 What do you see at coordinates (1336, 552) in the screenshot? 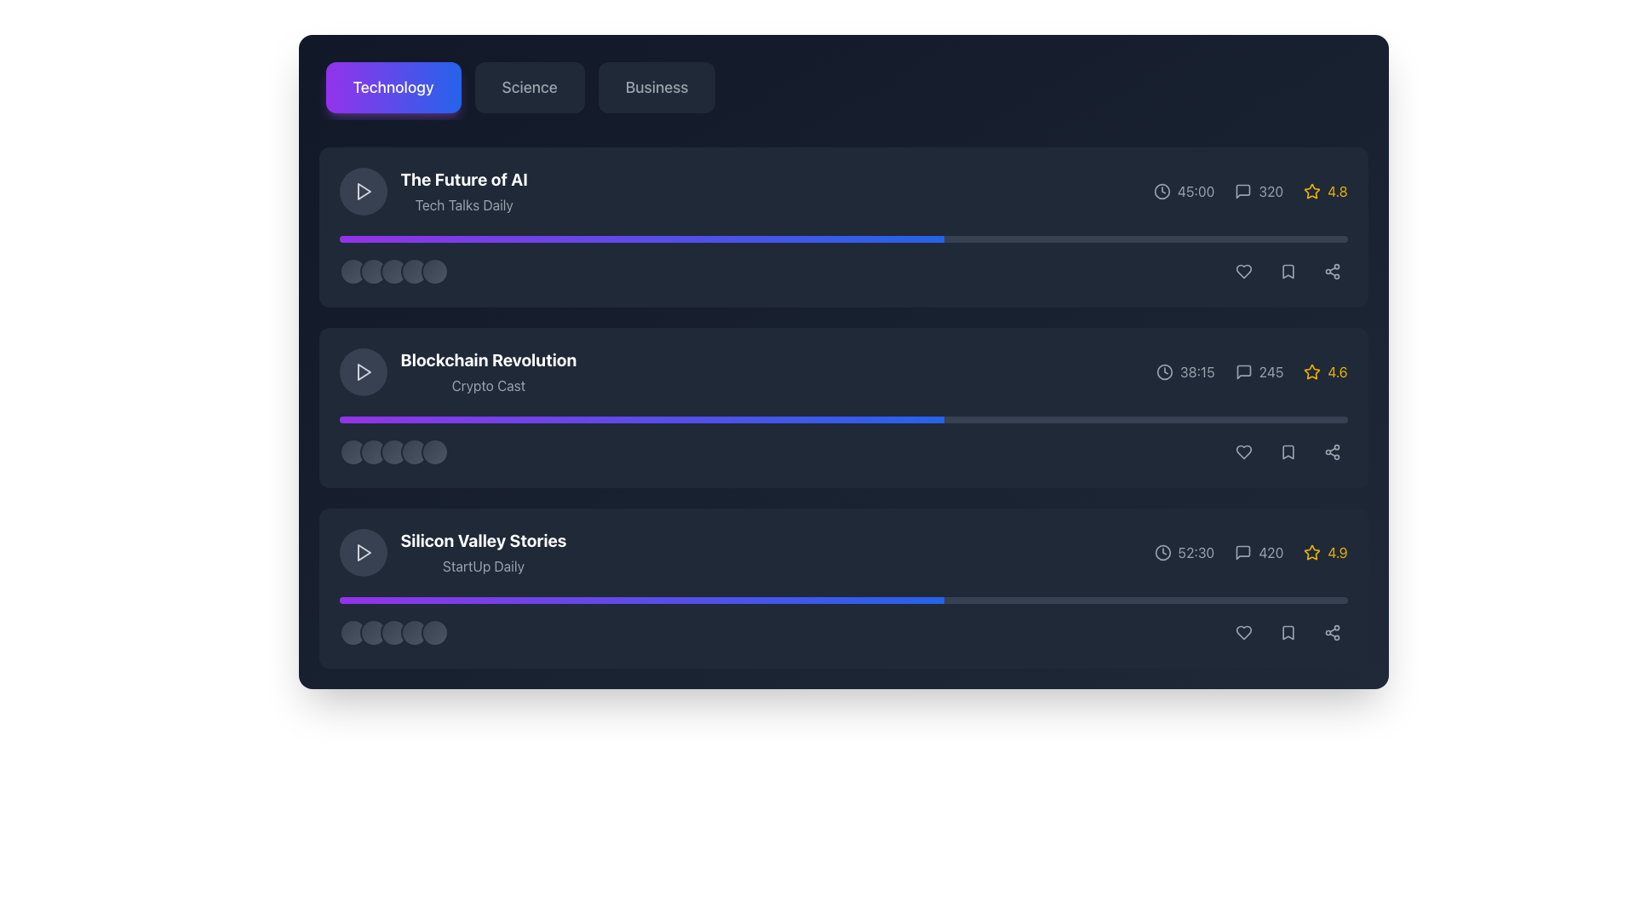
I see `numeric value displayed in bold text, which is '4.9', located towards the bottom right of the interface as part of the rating for 'Silicon Valley Stories'` at bounding box center [1336, 552].